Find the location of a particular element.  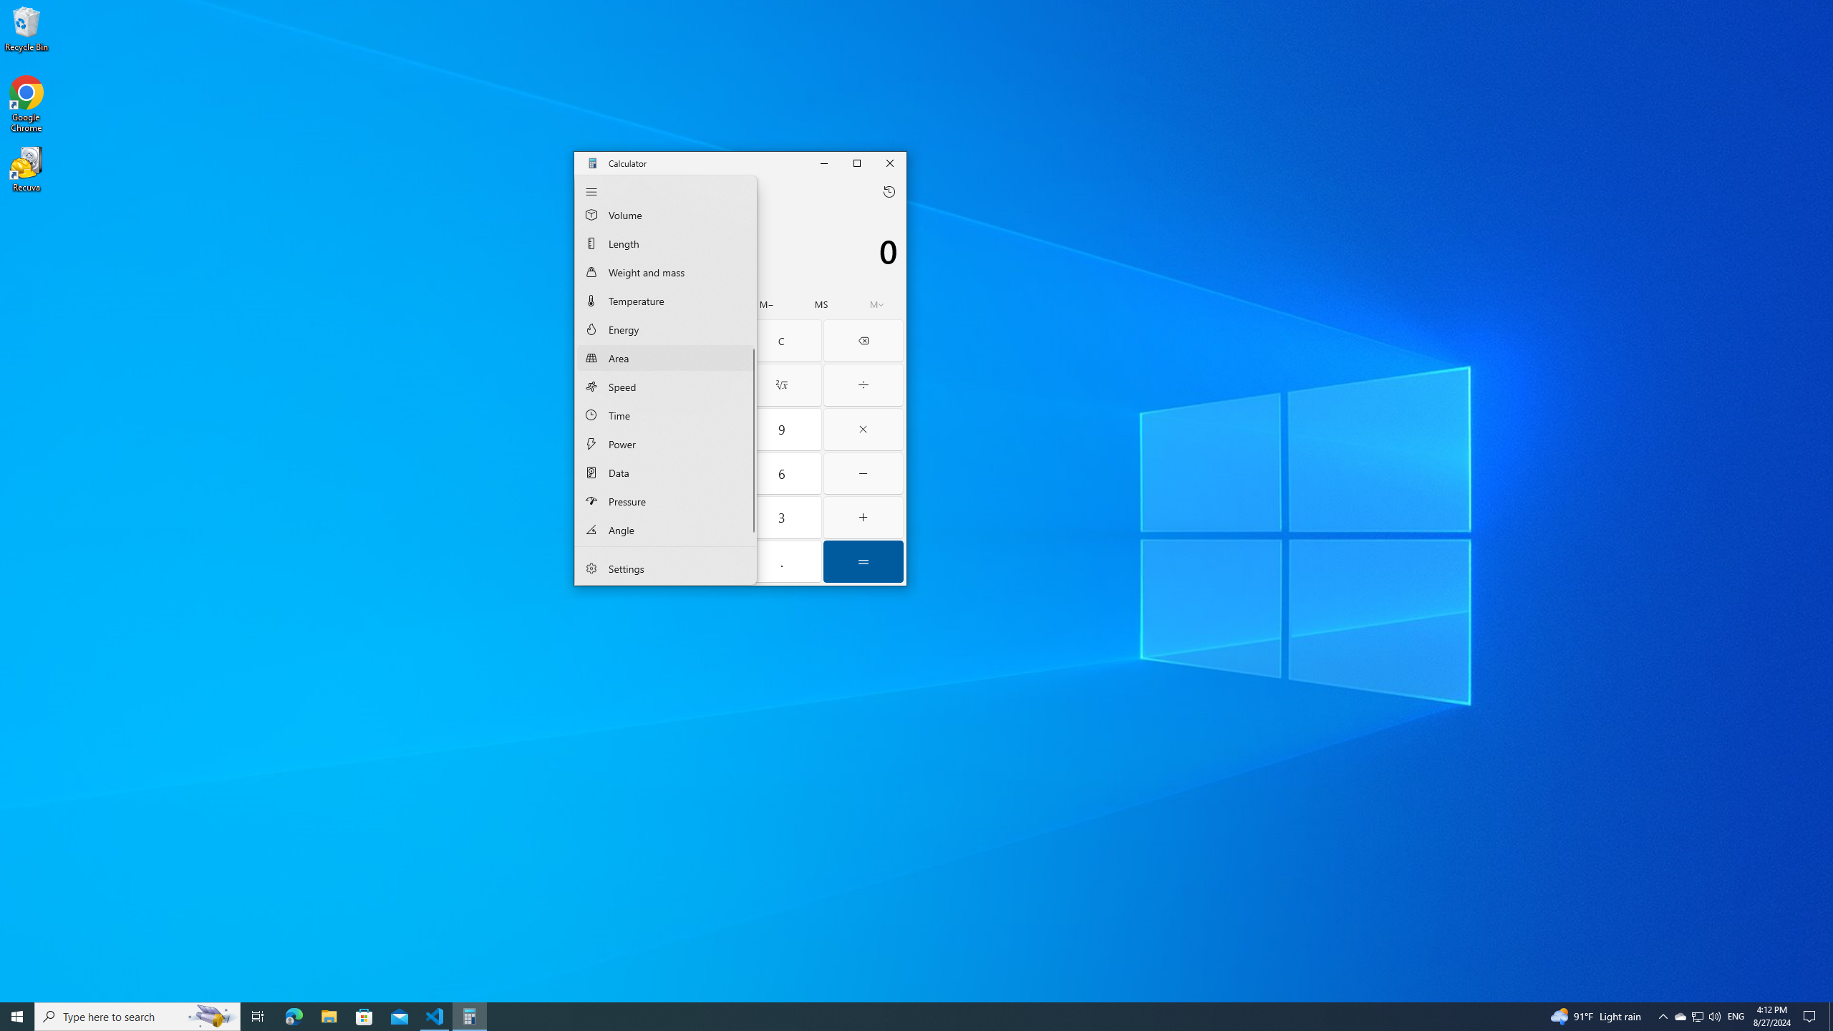

'Nine' is located at coordinates (781, 430).